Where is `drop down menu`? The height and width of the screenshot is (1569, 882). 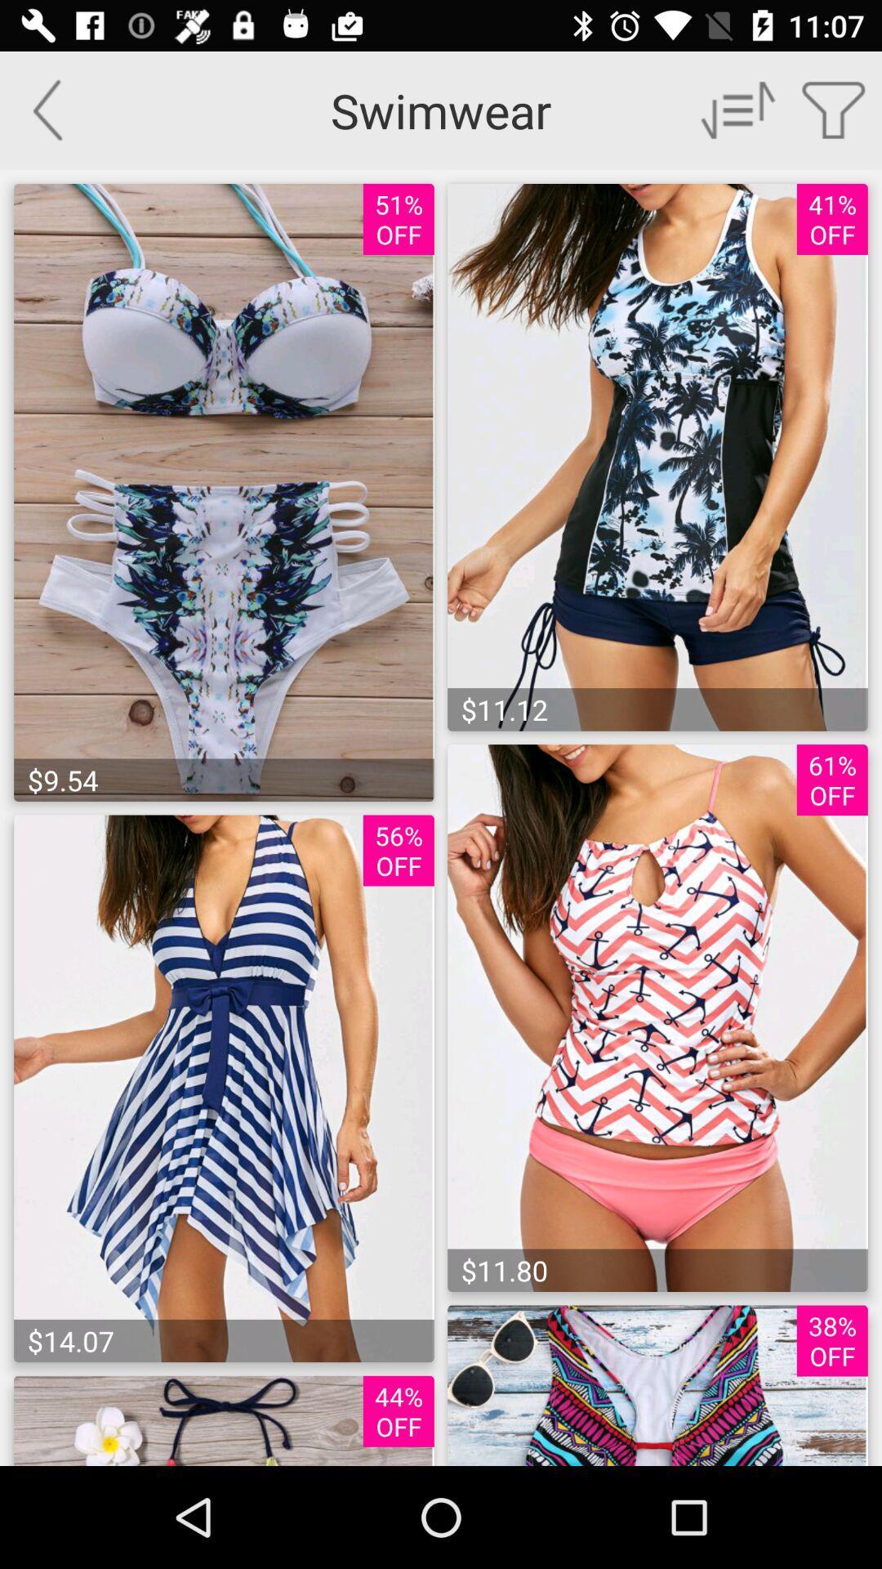
drop down menu is located at coordinates (738, 109).